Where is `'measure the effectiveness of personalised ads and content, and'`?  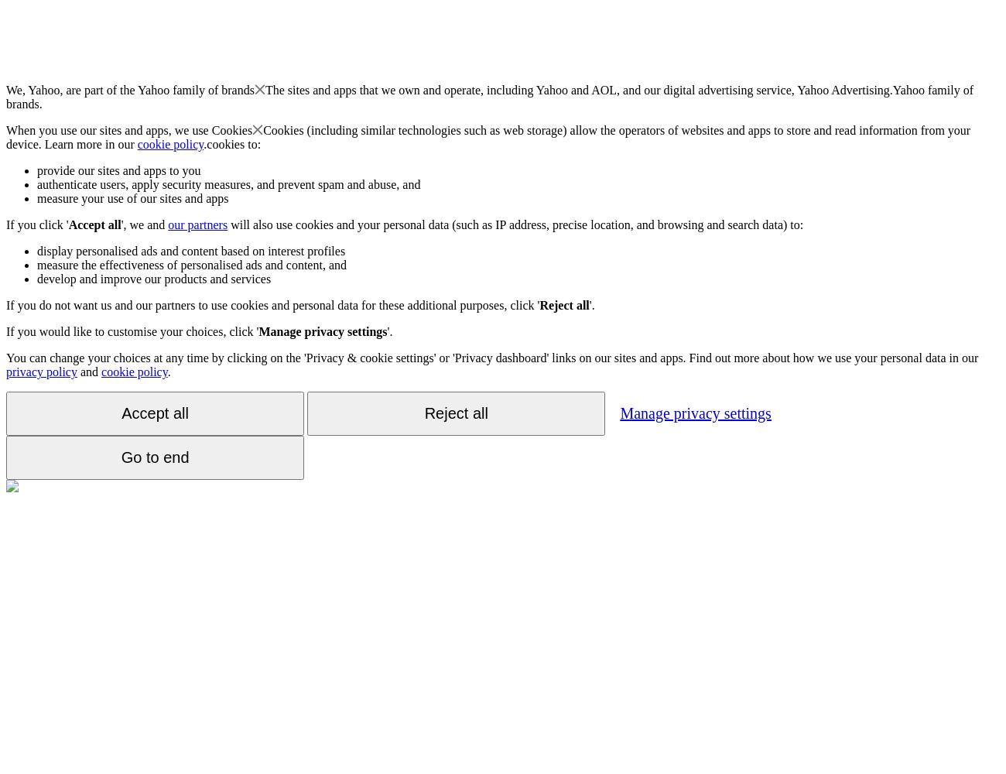 'measure the effectiveness of personalised ads and content, and' is located at coordinates (191, 264).